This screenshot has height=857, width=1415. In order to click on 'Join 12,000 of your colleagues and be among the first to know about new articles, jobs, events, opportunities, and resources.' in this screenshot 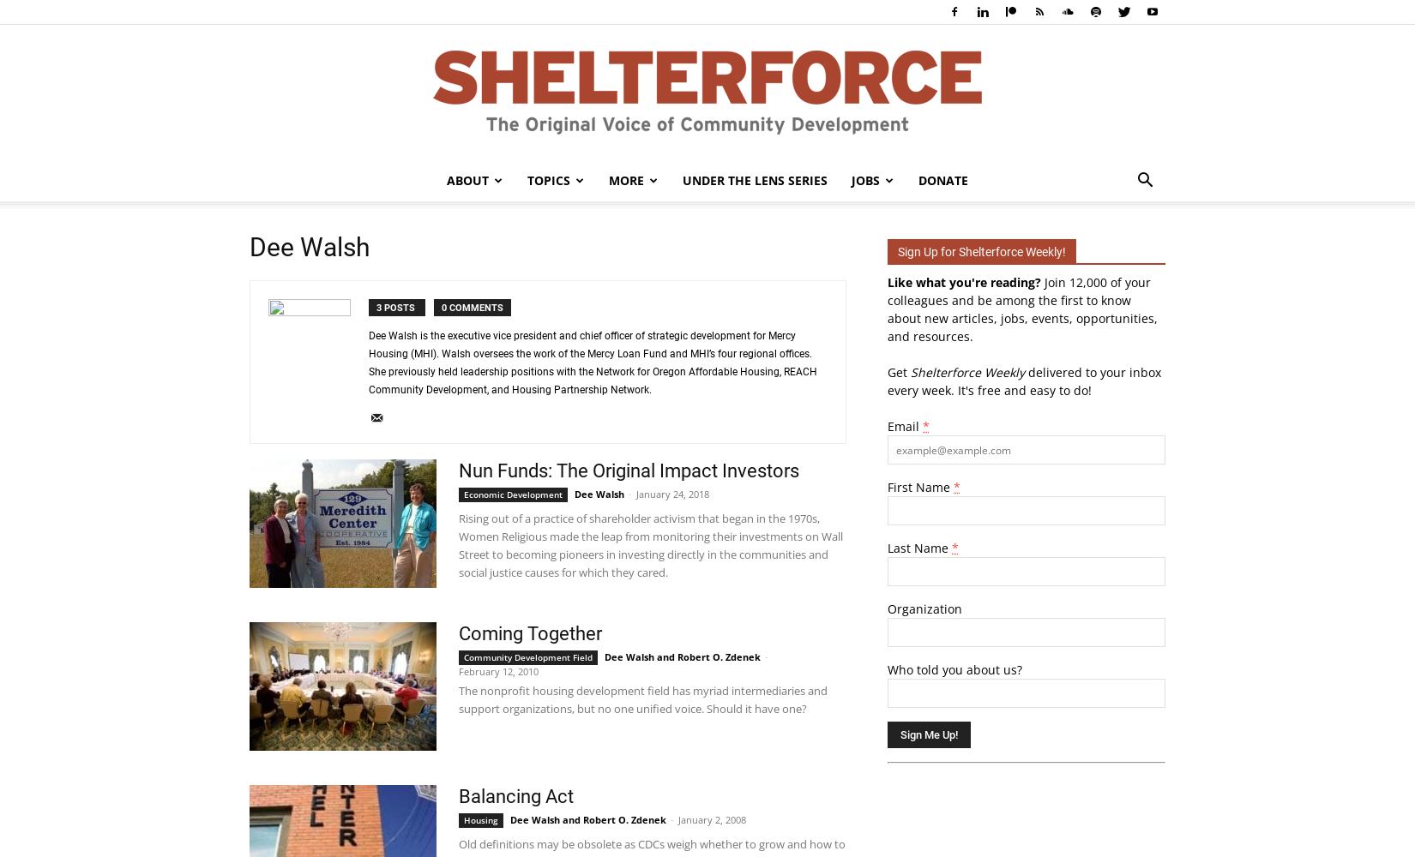, I will do `click(1022, 309)`.